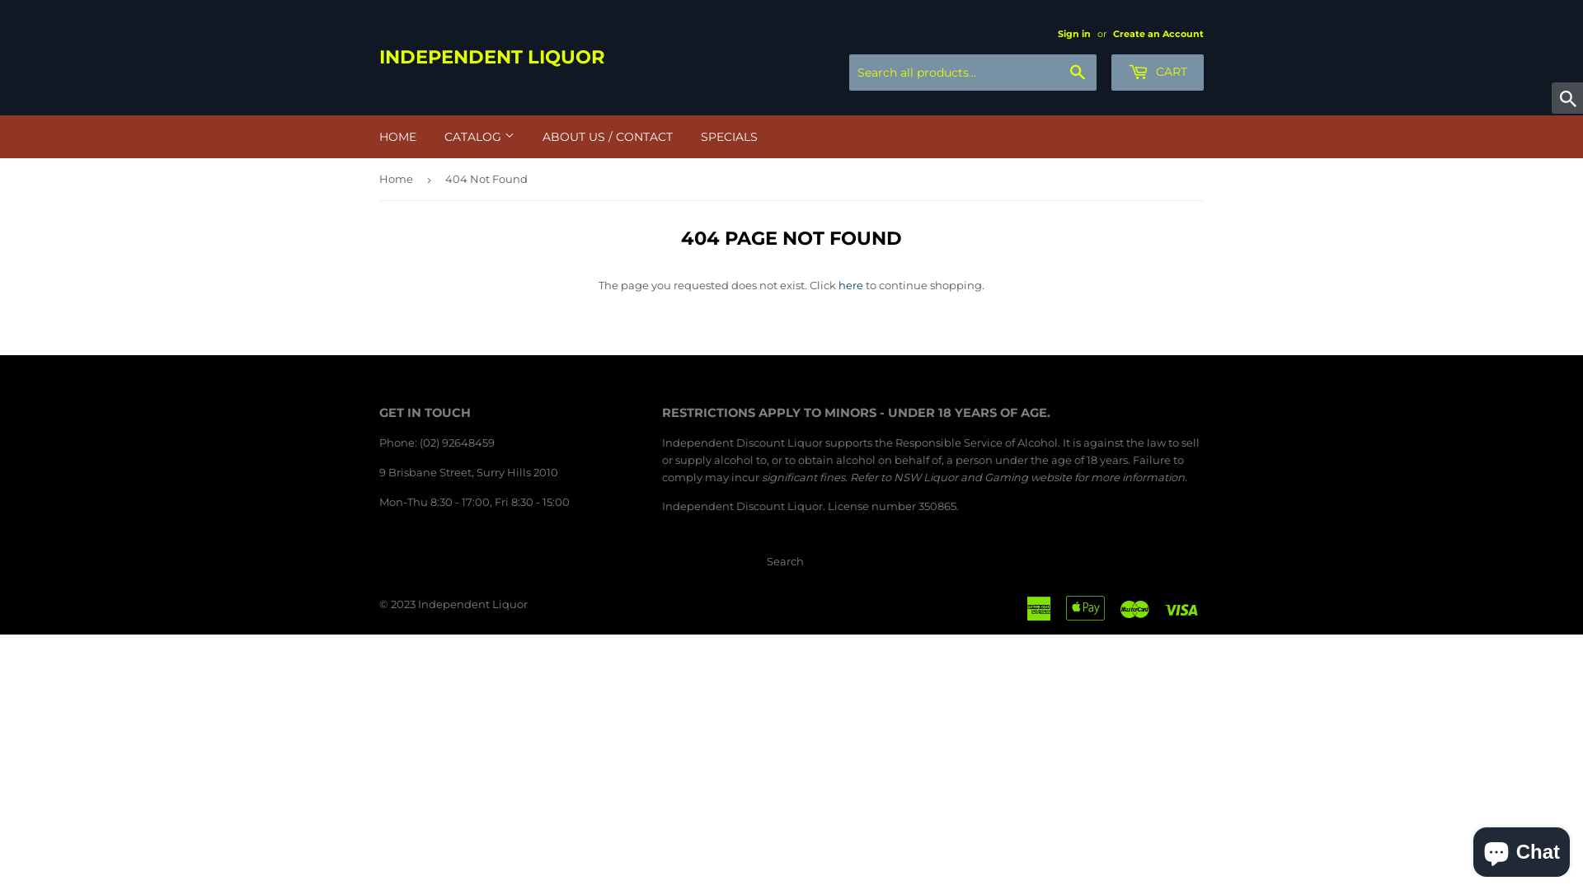 The width and height of the screenshot is (1583, 890). I want to click on 'ABOUT US / CONTACT', so click(607, 135).